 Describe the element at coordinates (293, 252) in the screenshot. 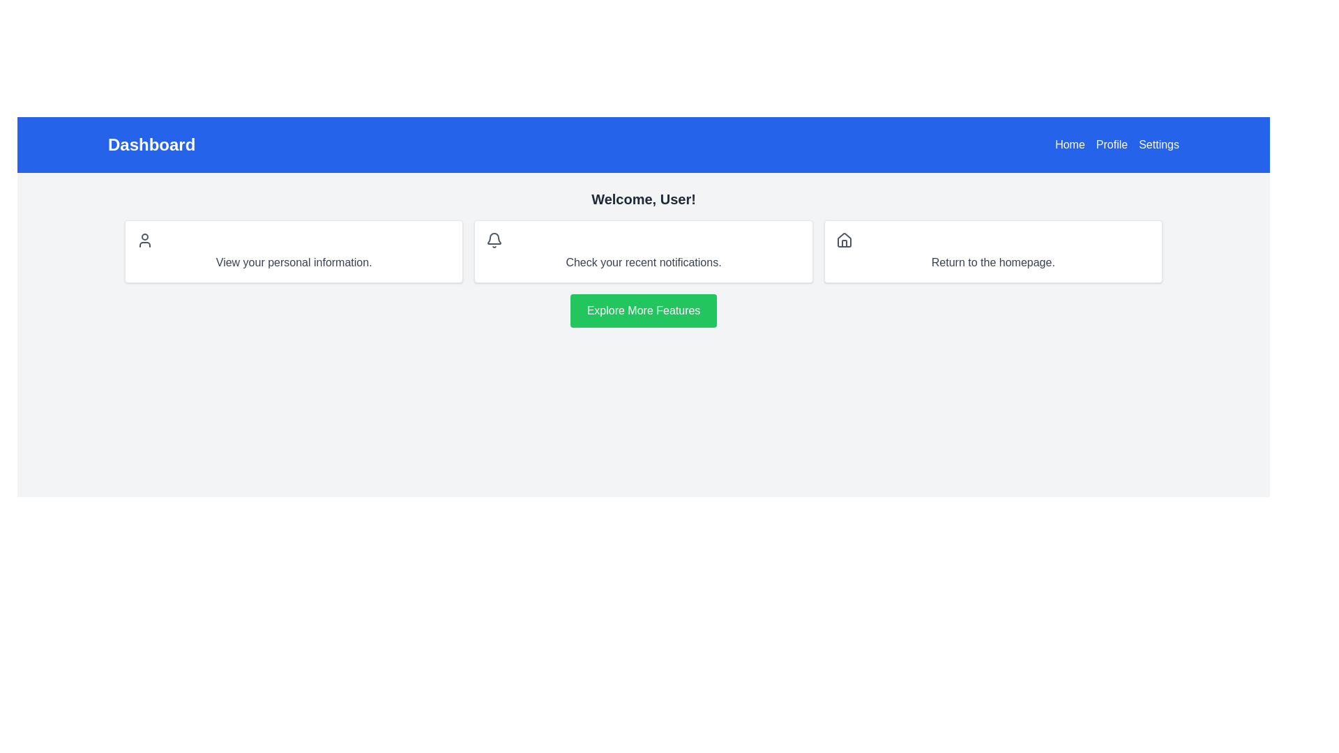

I see `the icon in the first Card component located near the top-center of the interface, directly below the blue header bar` at that location.